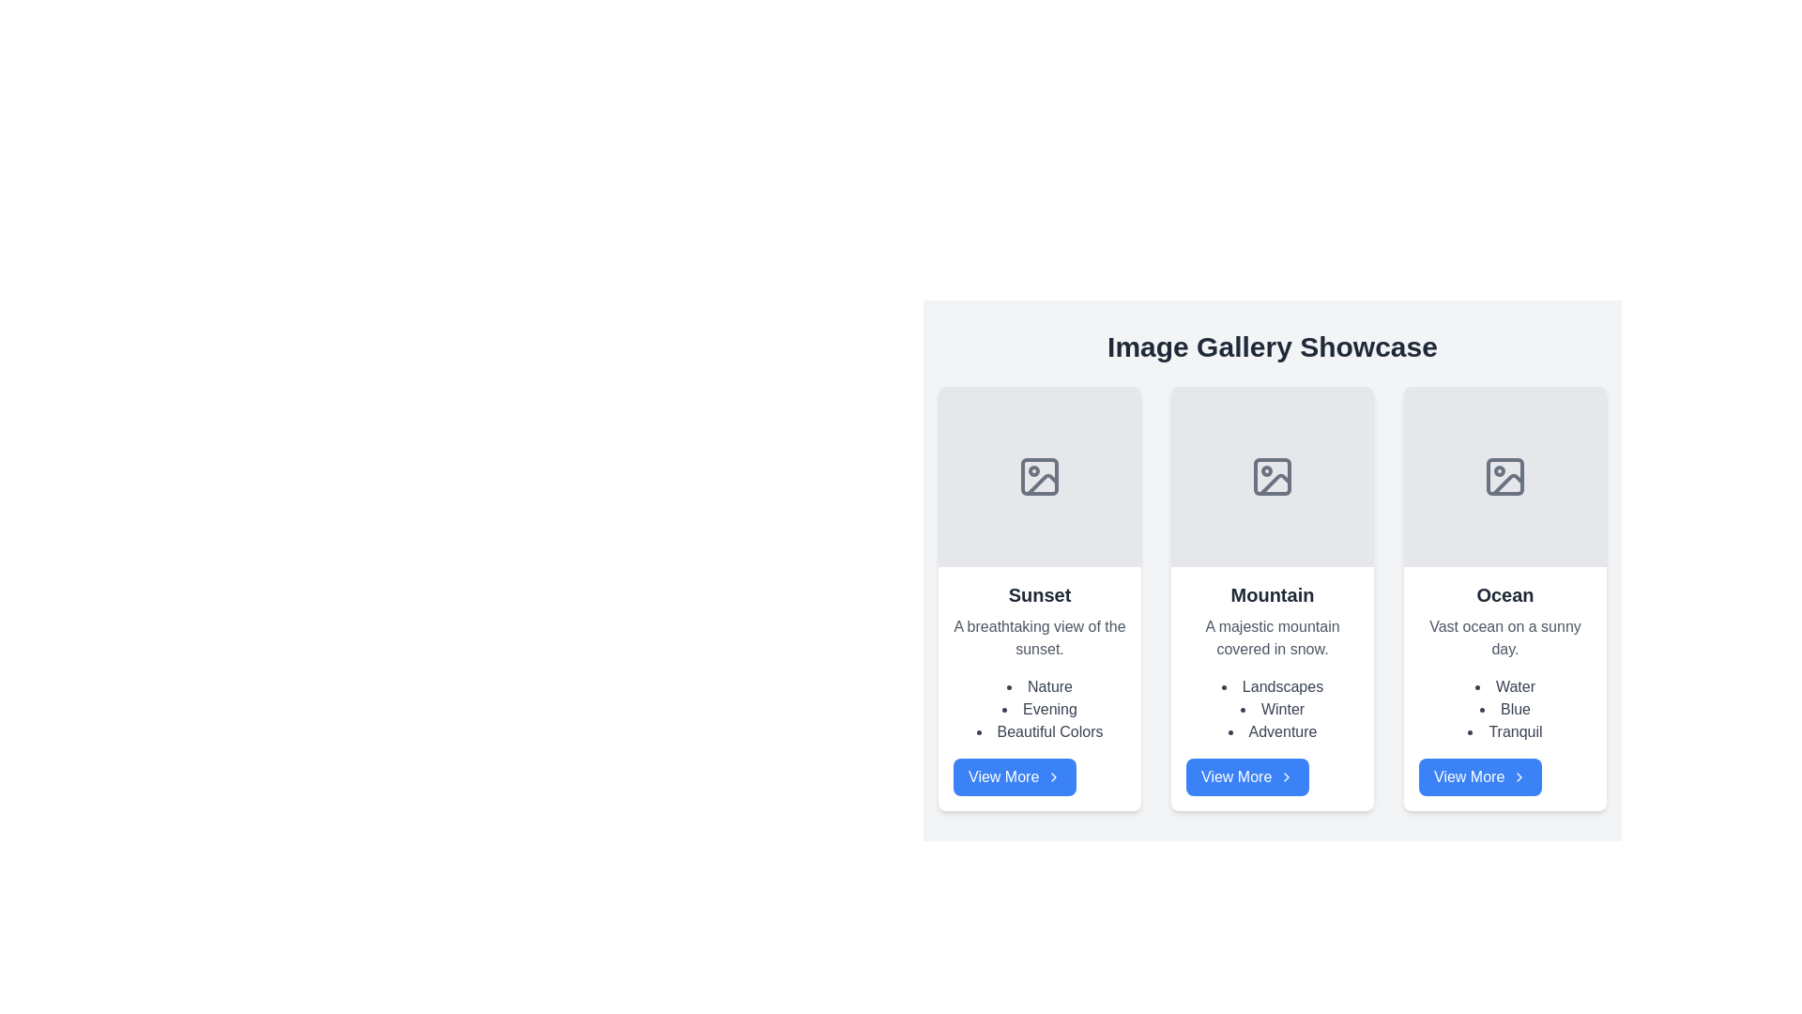  What do you see at coordinates (1273, 476) in the screenshot?
I see `the visual representation of the icon located centrally within the second card labeled 'Mountain'` at bounding box center [1273, 476].